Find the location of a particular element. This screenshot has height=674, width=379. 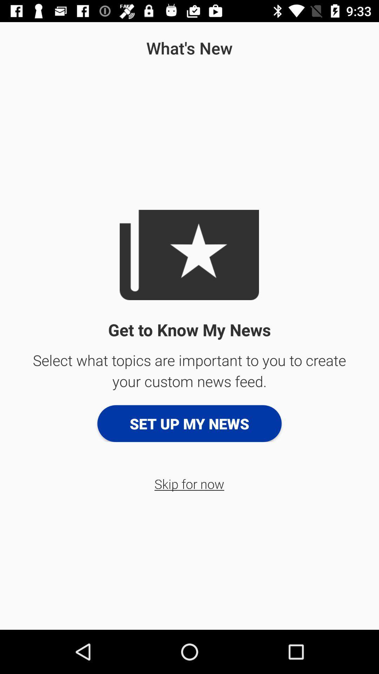

the app below select what topics app is located at coordinates (189, 423).